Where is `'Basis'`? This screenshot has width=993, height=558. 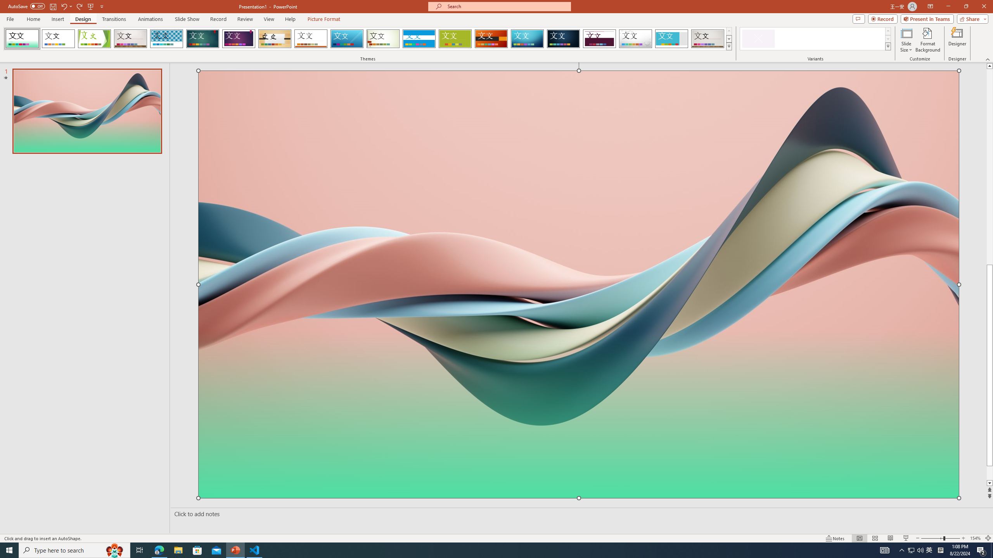
'Basis' is located at coordinates (455, 38).